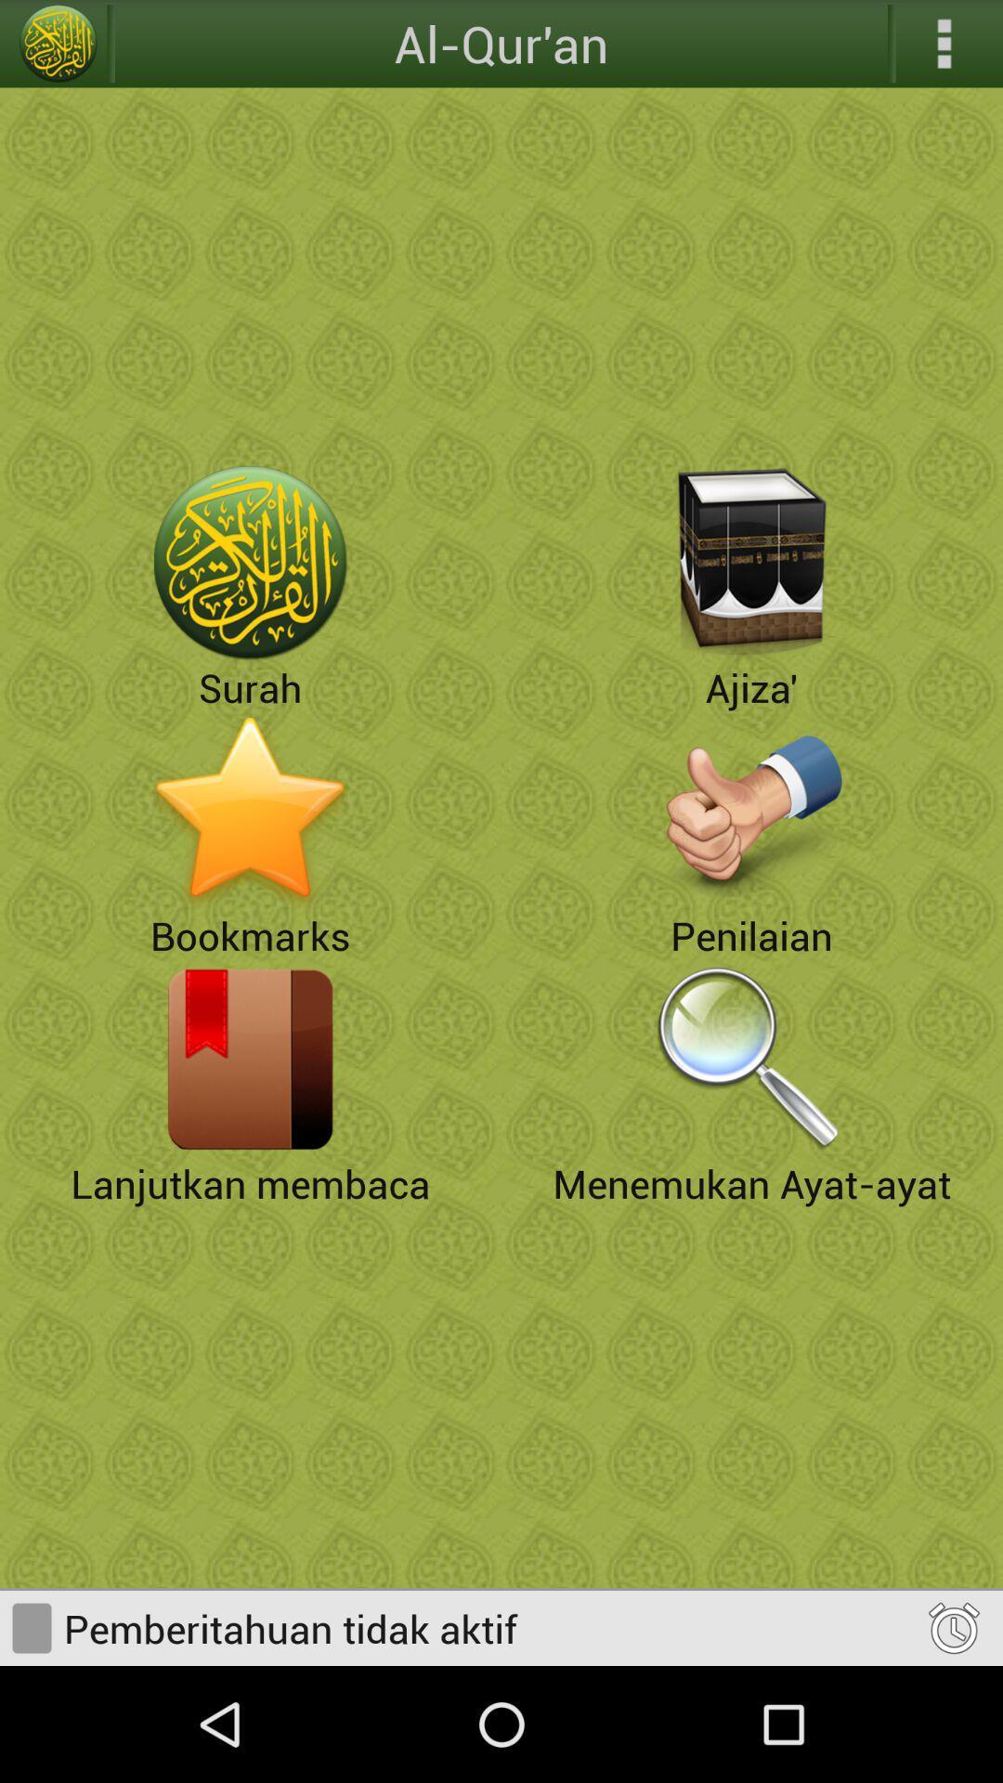 Image resolution: width=1003 pixels, height=1783 pixels. What do you see at coordinates (752, 562) in the screenshot?
I see `choose ajiza` at bounding box center [752, 562].